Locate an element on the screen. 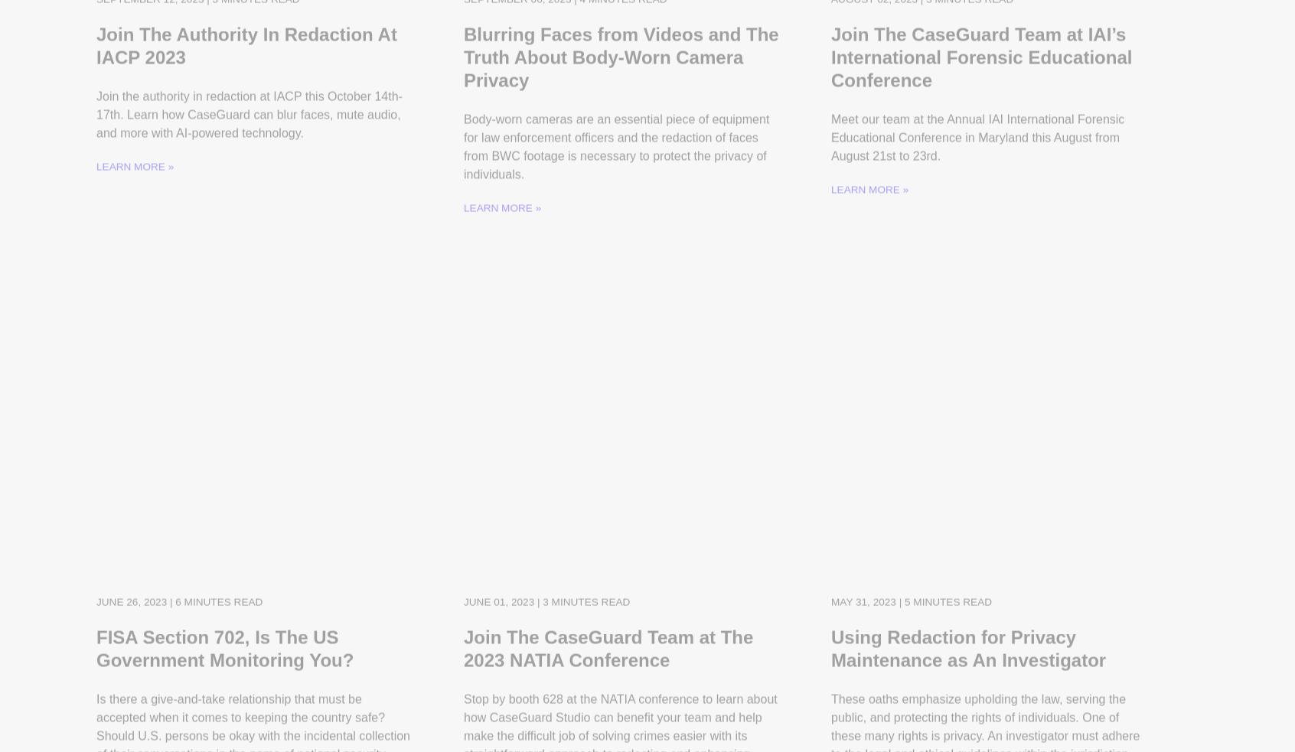 Image resolution: width=1295 pixels, height=752 pixels. 'Join The Authority In Redaction At IACP 2023' is located at coordinates (245, 72).